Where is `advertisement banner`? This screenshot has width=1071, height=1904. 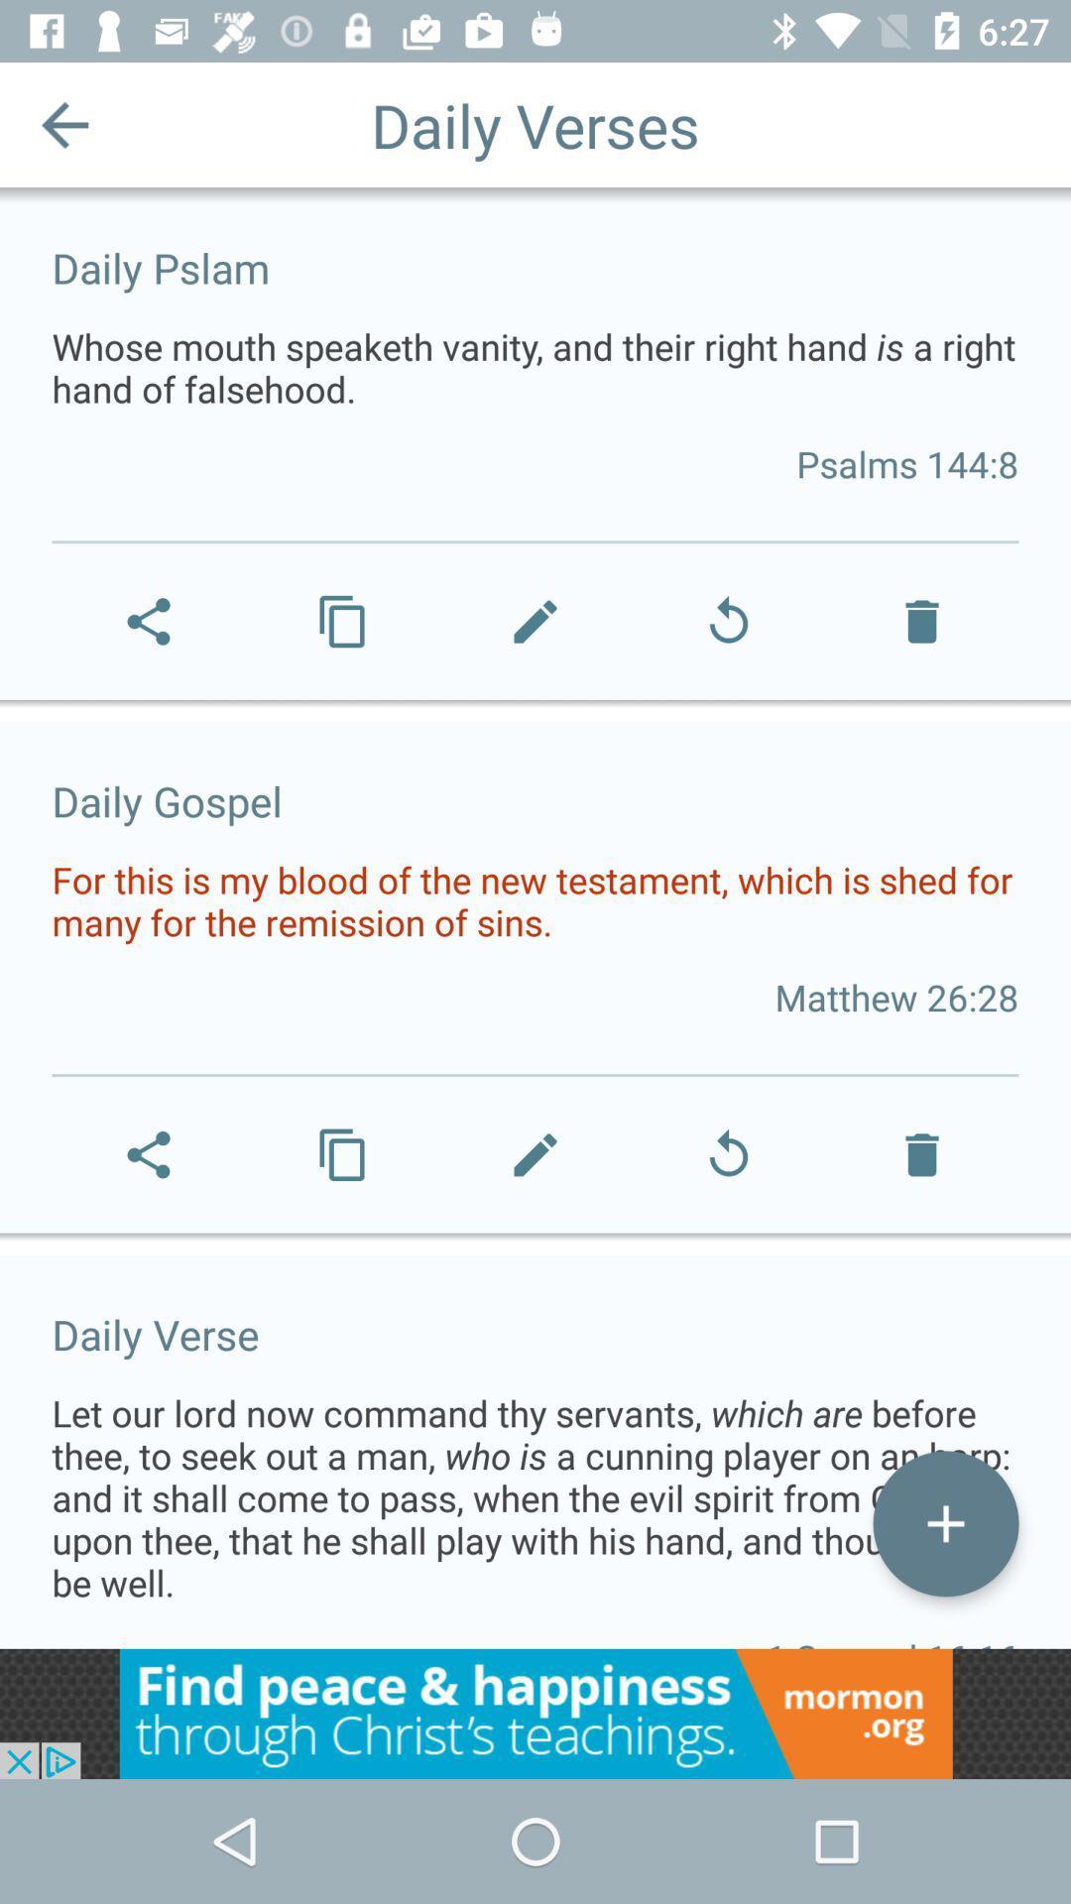
advertisement banner is located at coordinates (535, 1713).